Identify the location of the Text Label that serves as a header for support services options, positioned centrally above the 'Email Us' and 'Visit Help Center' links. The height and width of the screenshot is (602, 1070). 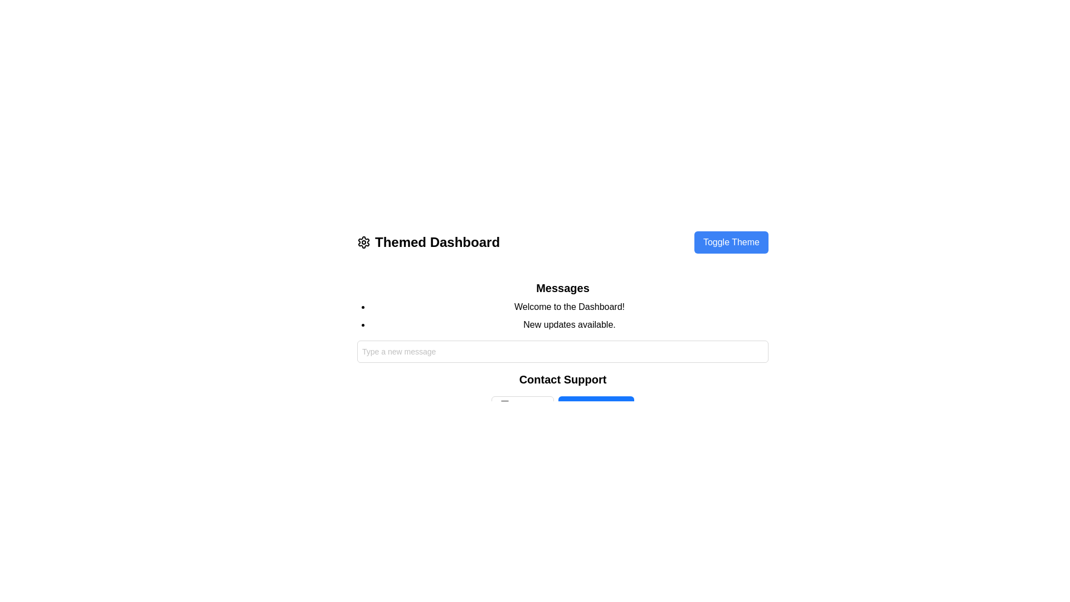
(562, 379).